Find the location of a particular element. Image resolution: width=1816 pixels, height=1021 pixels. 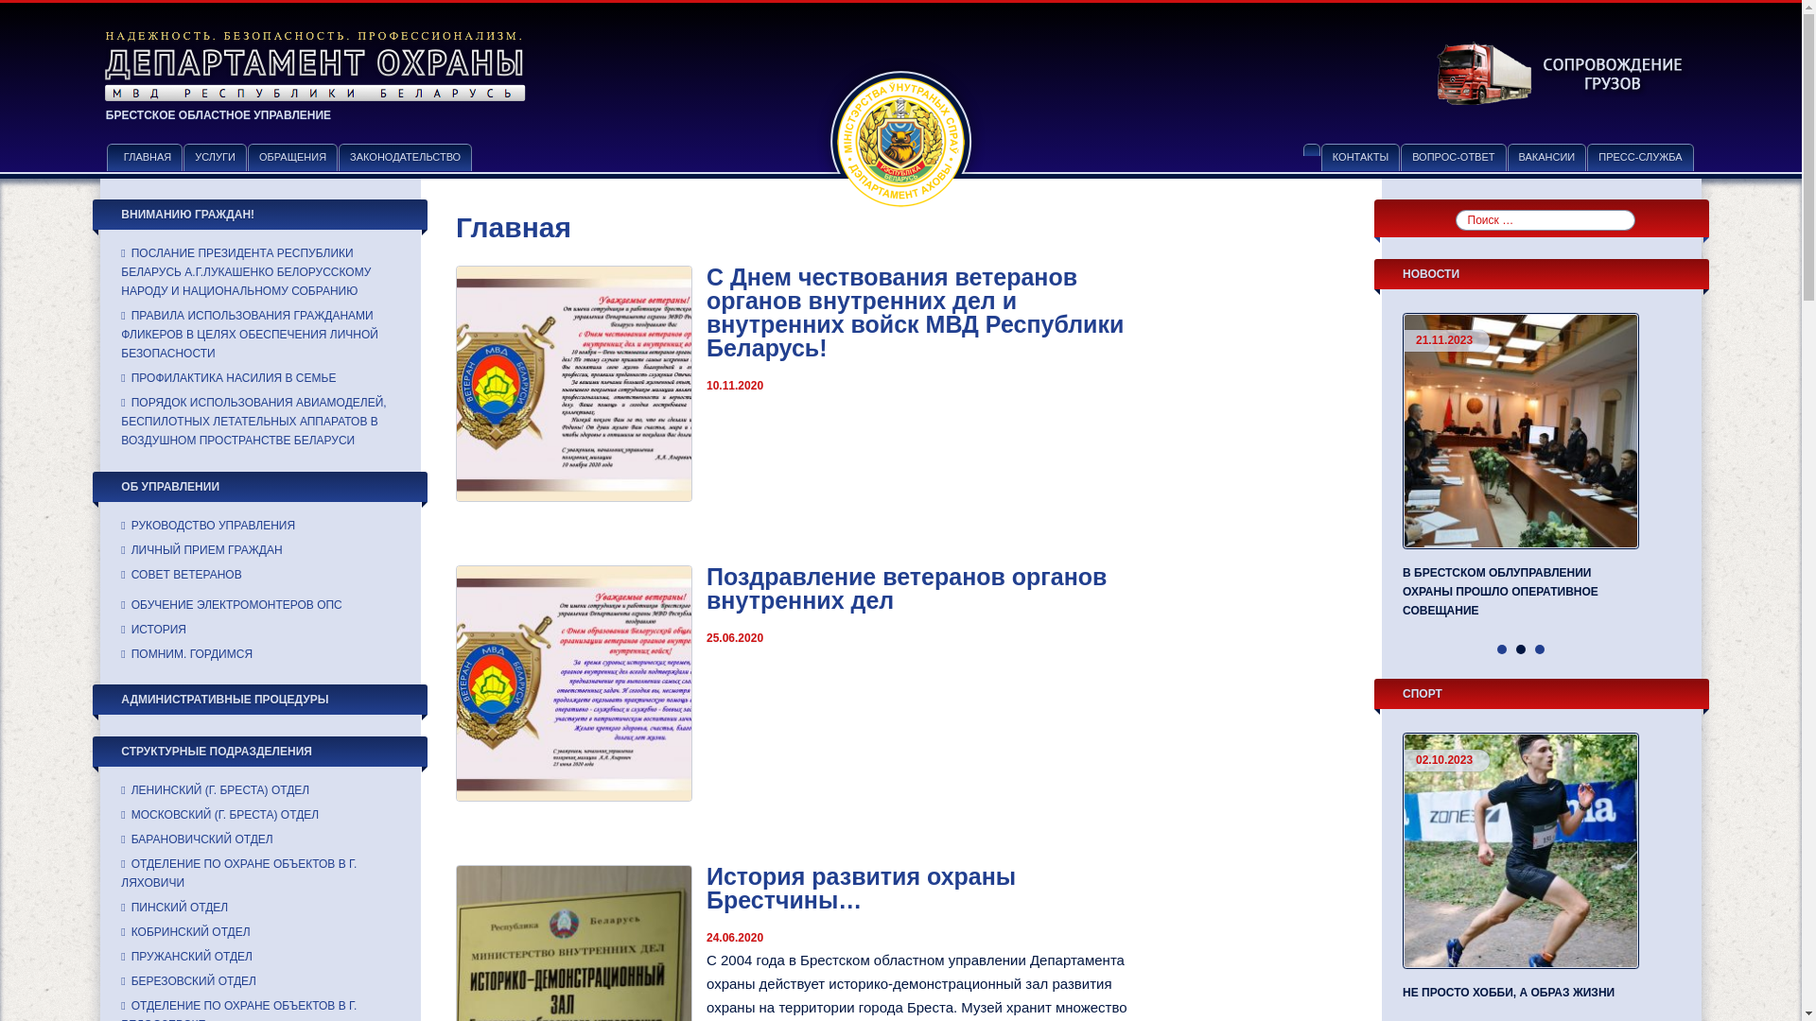

'2' is located at coordinates (1521, 648).